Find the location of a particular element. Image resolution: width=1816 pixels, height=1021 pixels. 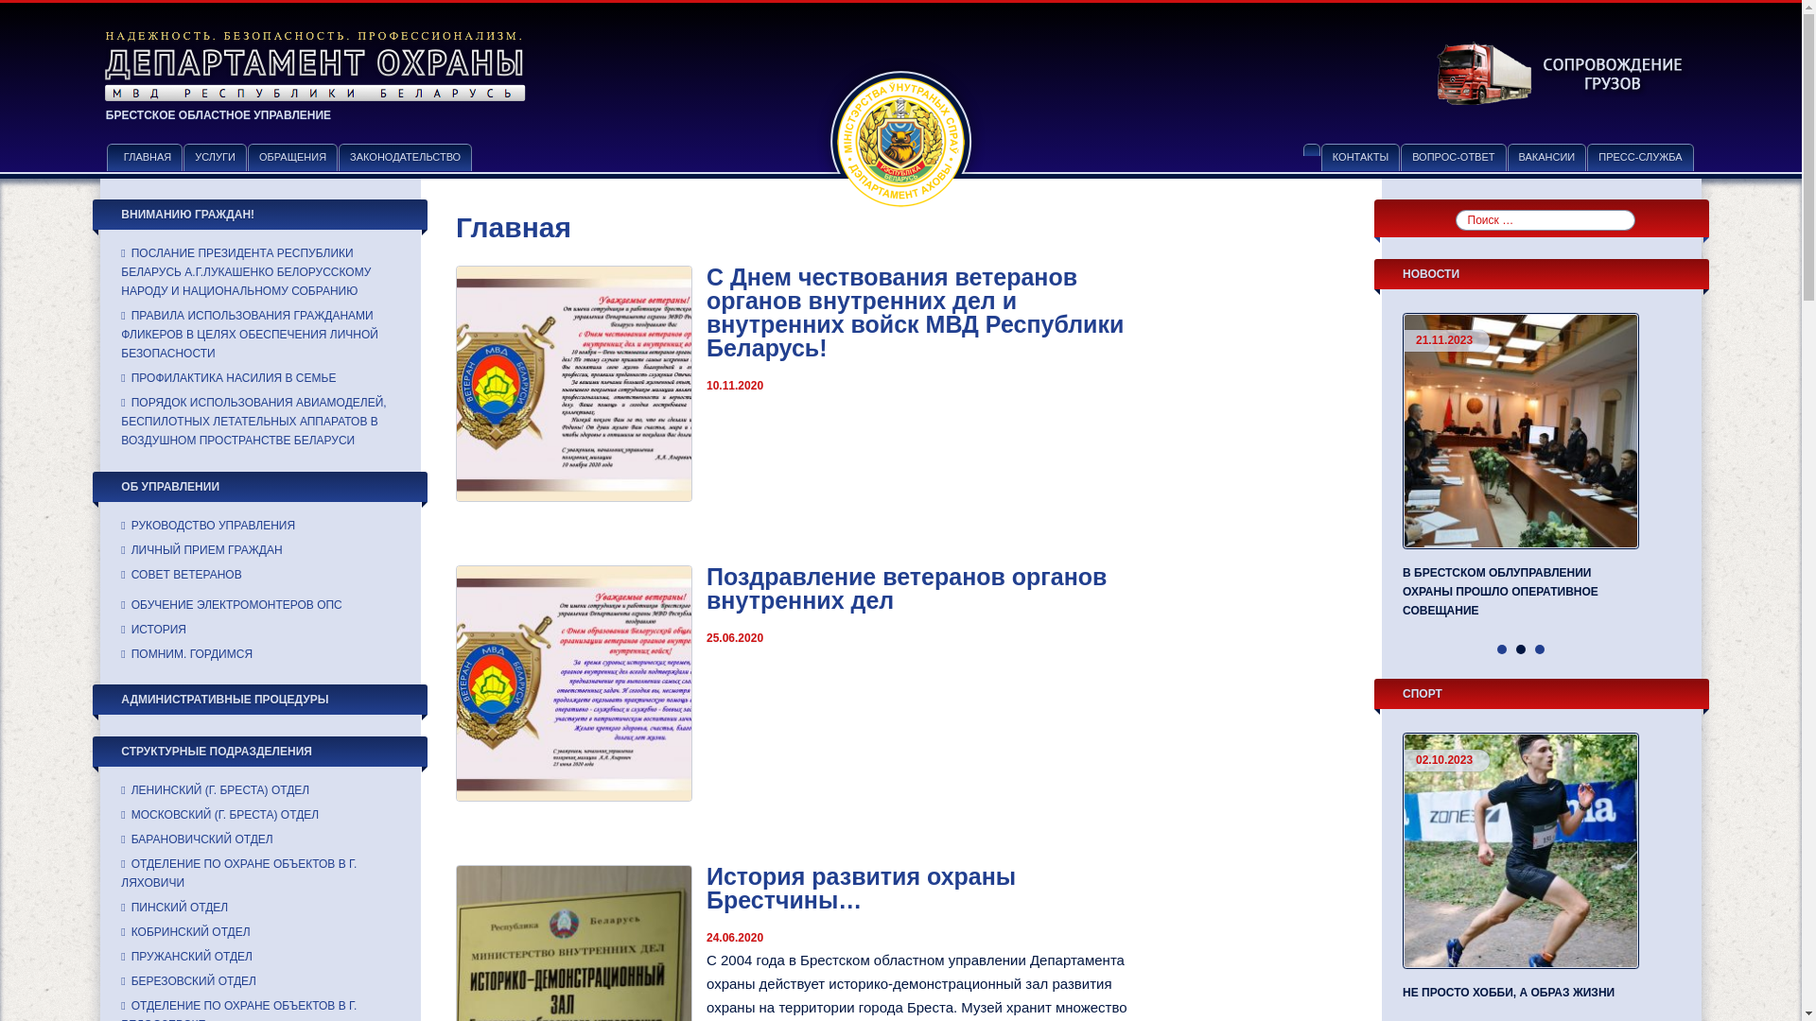

'2' is located at coordinates (1521, 648).